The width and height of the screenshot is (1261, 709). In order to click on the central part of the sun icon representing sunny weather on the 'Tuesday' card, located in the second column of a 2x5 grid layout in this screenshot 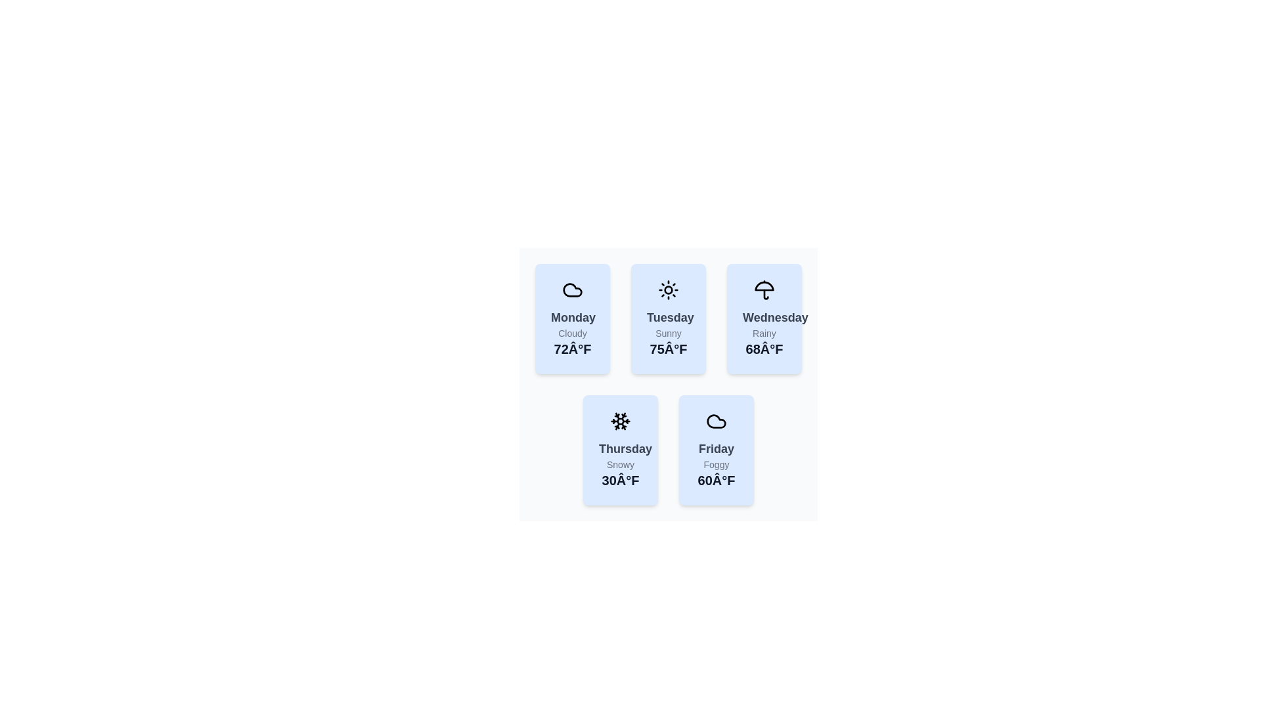, I will do `click(668, 290)`.